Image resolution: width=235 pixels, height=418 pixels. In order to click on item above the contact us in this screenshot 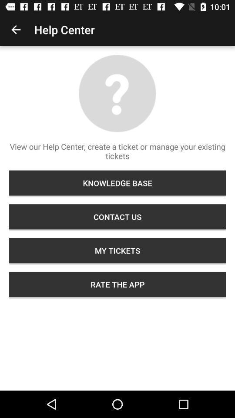, I will do `click(117, 182)`.